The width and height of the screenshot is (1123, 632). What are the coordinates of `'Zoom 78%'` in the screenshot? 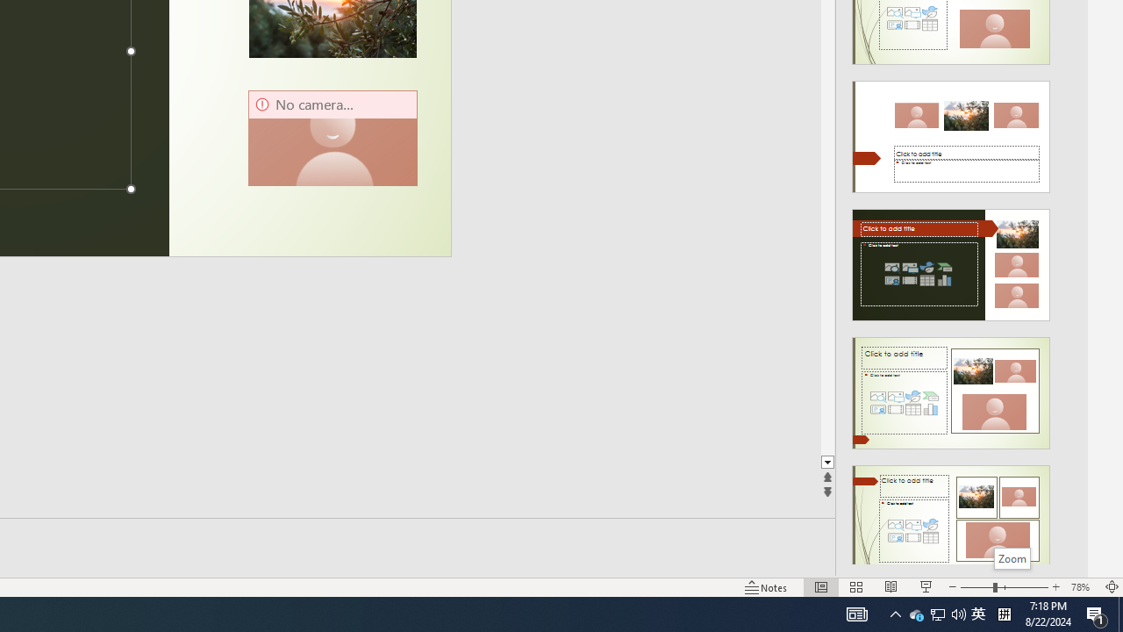 It's located at (1082, 587).